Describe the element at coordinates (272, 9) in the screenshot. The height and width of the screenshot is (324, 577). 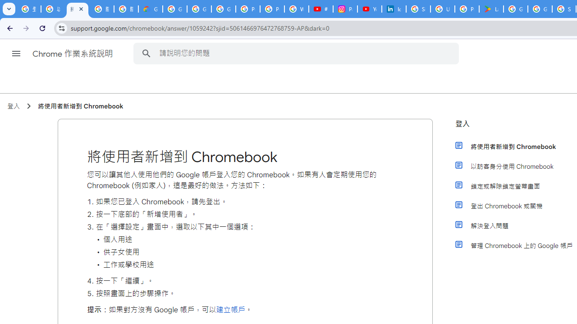
I see `'Privacy Help Center - Policies Help'` at that location.